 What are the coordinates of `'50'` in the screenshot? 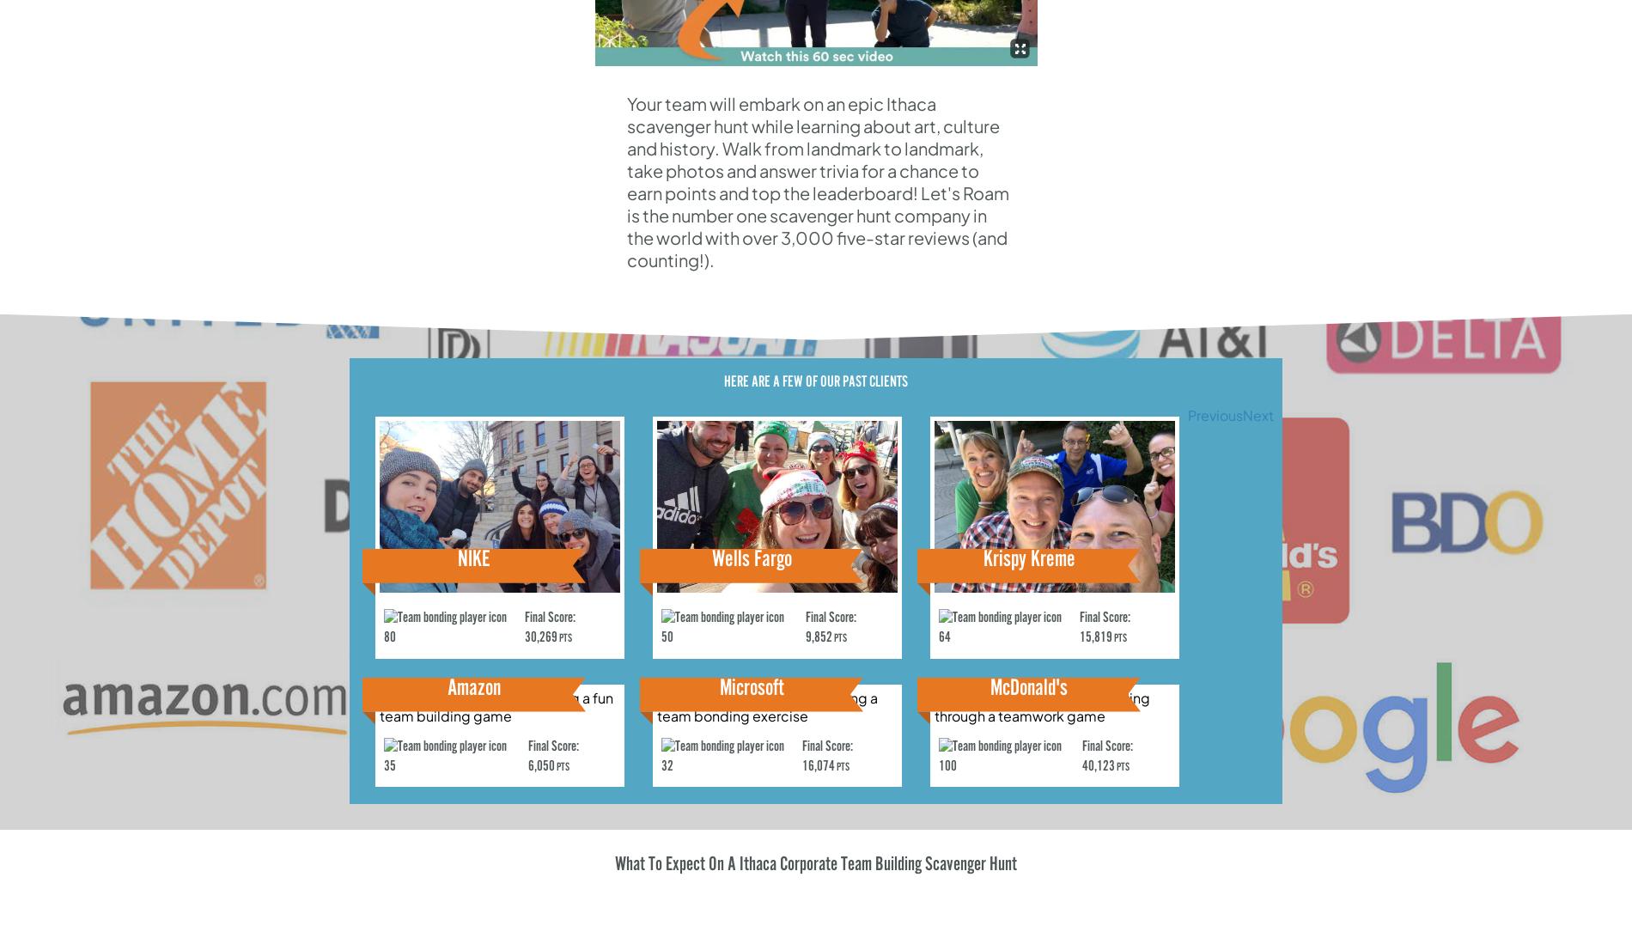 It's located at (666, 637).